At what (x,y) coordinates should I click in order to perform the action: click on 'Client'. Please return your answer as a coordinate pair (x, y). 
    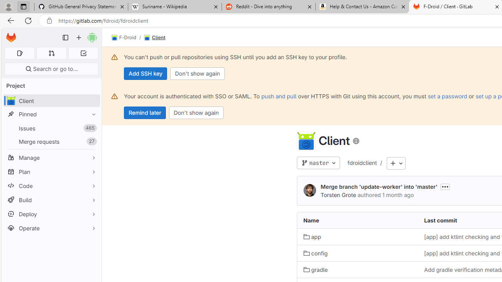
    Looking at the image, I should click on (155, 38).